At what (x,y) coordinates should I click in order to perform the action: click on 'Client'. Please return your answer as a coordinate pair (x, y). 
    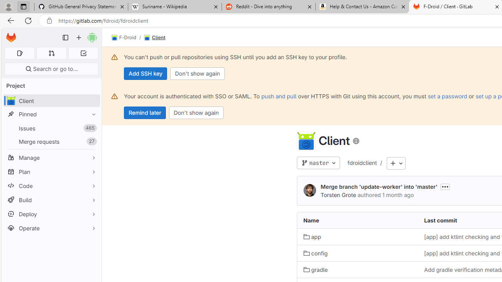
    Looking at the image, I should click on (155, 38).